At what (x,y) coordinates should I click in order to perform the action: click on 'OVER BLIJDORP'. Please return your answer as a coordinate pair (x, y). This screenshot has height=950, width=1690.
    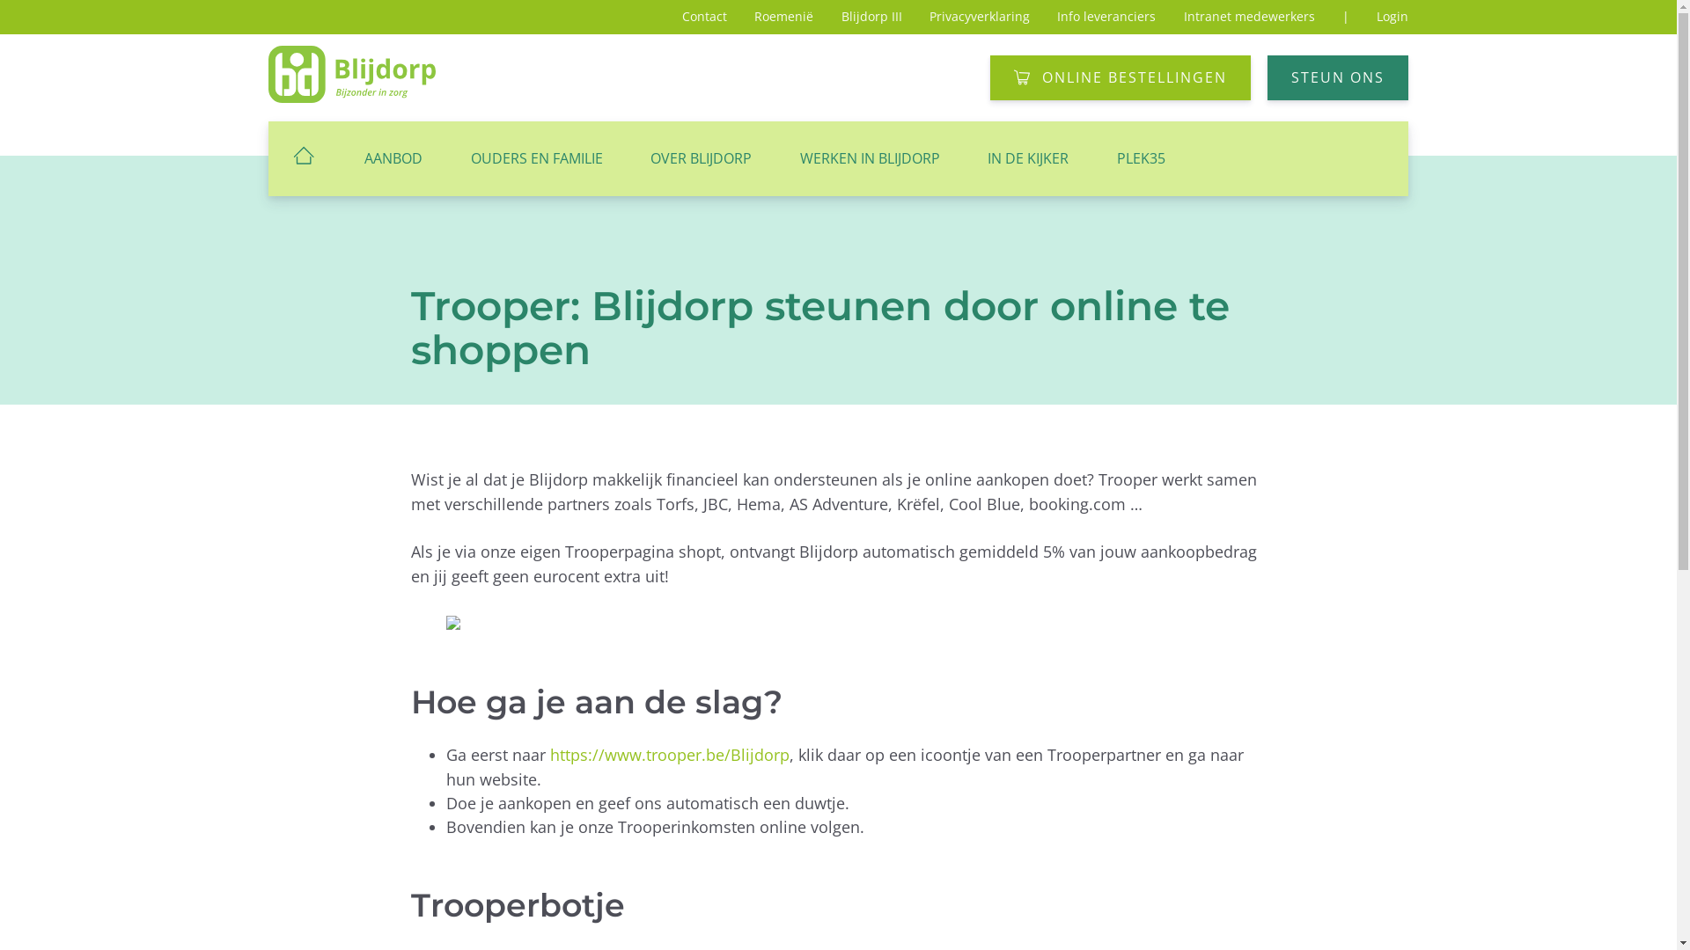
    Looking at the image, I should click on (700, 158).